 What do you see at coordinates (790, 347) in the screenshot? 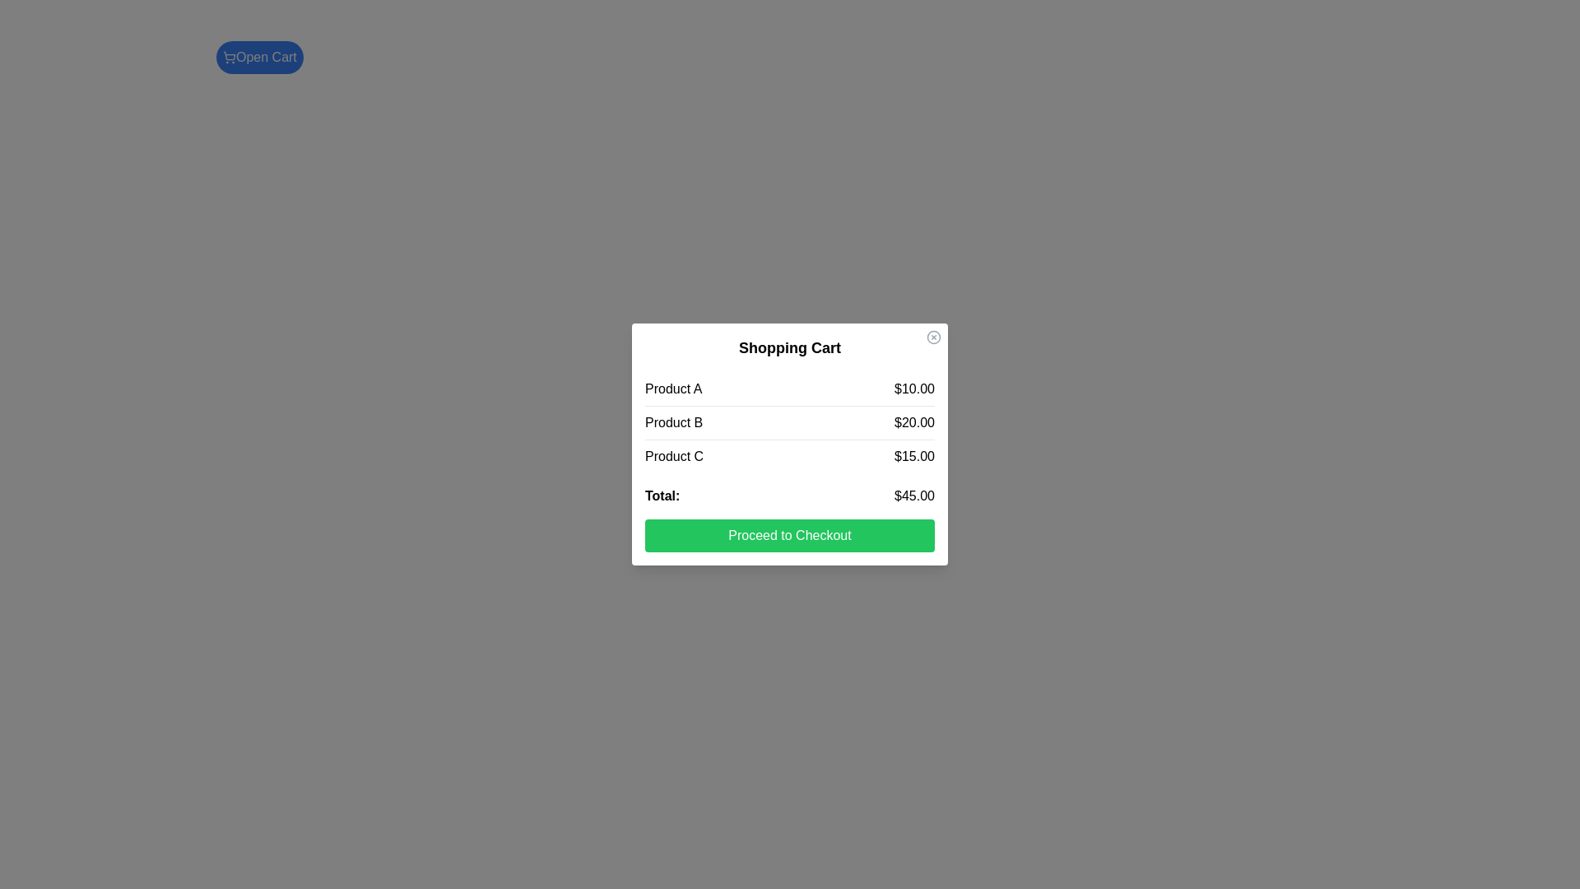
I see `prominent 'Shopping Cart' text label, which is a bold, large-font black label located at the upper section of a white rounded-corner card` at bounding box center [790, 347].